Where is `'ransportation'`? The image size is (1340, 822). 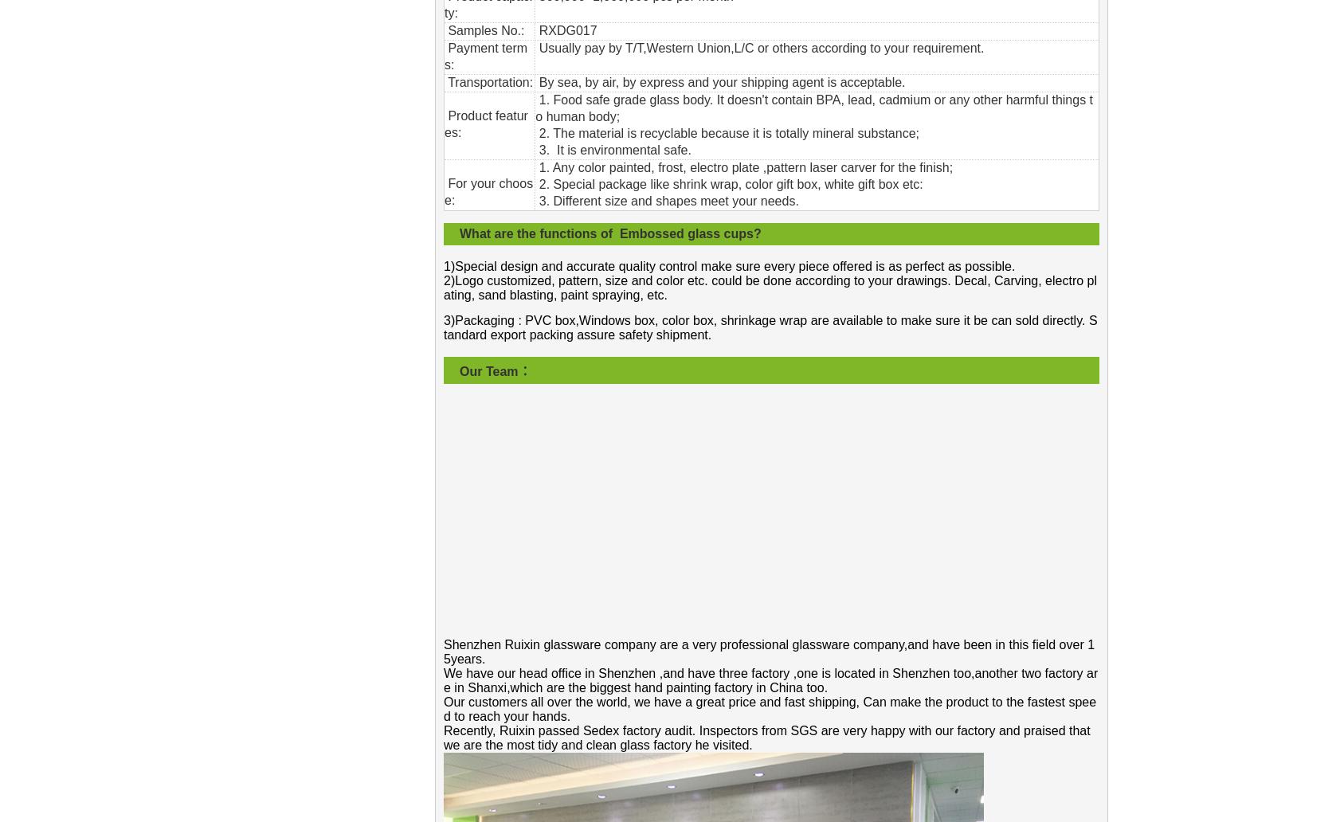 'ransportation' is located at coordinates (455, 82).